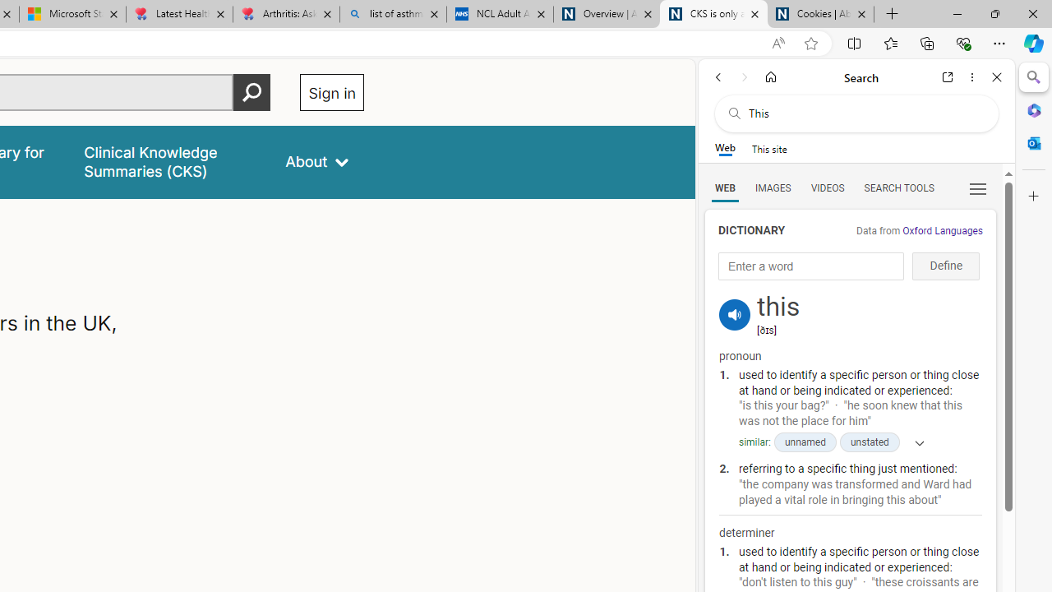  Describe the element at coordinates (946, 266) in the screenshot. I see `'Define'` at that location.